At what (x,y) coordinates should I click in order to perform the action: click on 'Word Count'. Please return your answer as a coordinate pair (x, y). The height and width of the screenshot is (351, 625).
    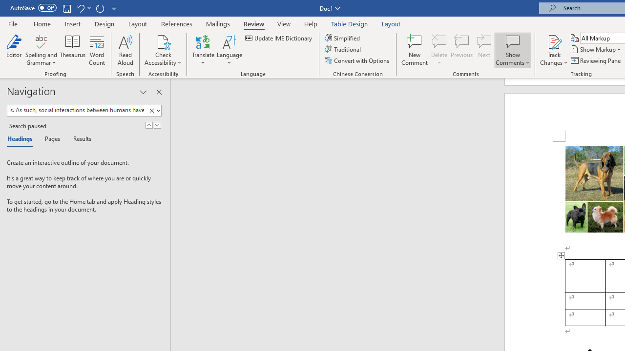
    Looking at the image, I should click on (97, 50).